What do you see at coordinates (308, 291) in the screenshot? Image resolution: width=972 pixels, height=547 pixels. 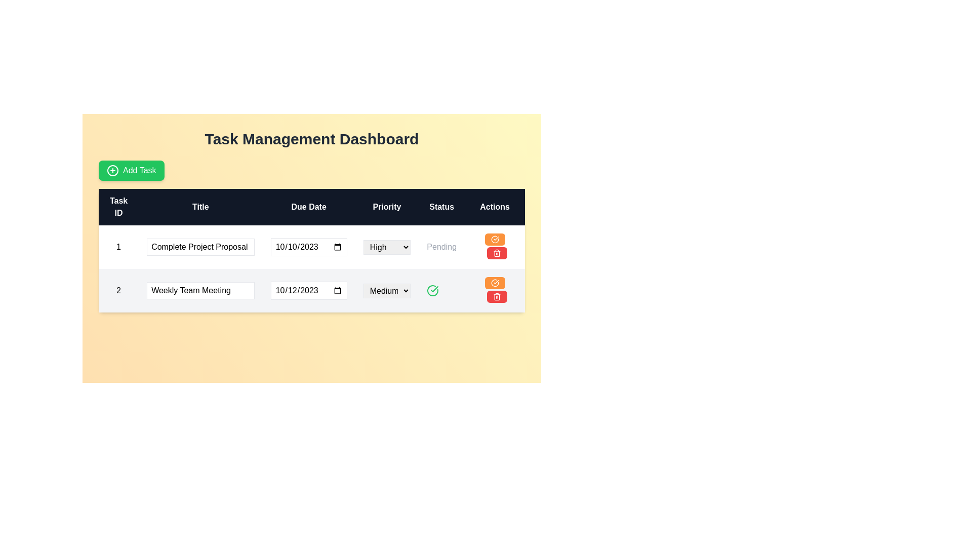 I see `the Date input field for the task 'Weekly Team Meeting'` at bounding box center [308, 291].